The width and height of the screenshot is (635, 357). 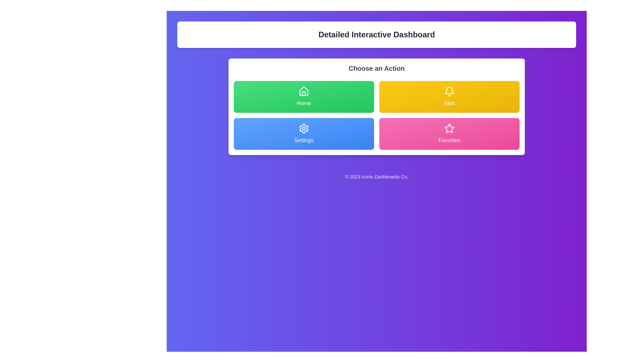 What do you see at coordinates (303, 140) in the screenshot?
I see `text displayed on the 'Settings' text label, which is styled in white on a blue background and is located at the bottom of the 'Settings' card in the bottom-left area of the grid` at bounding box center [303, 140].